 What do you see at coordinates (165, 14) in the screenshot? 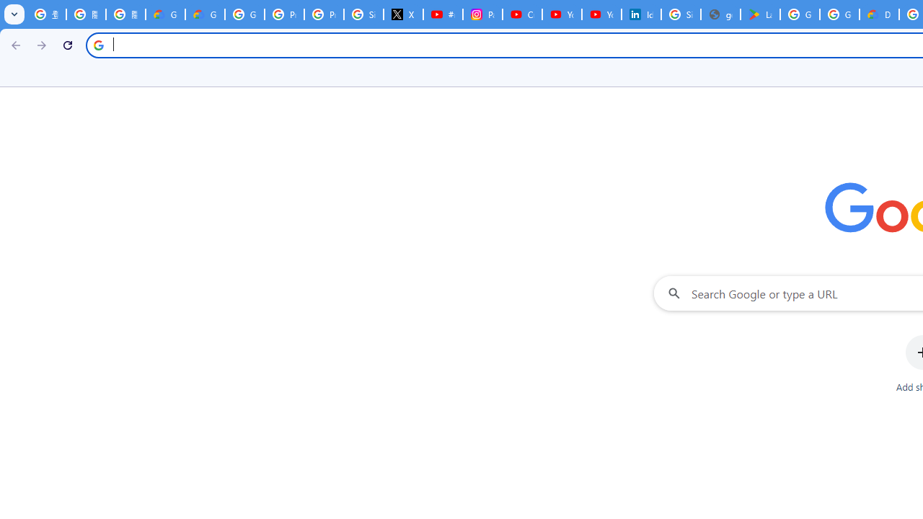
I see `'Google Cloud Privacy Notice'` at bounding box center [165, 14].